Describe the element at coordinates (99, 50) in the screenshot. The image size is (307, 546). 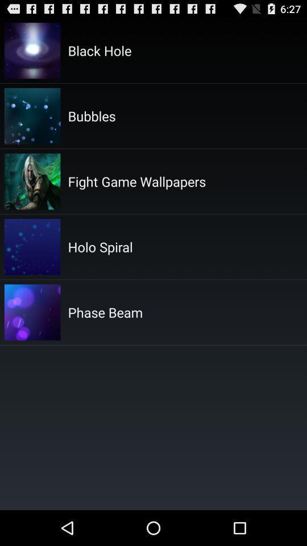
I see `black hole app` at that location.